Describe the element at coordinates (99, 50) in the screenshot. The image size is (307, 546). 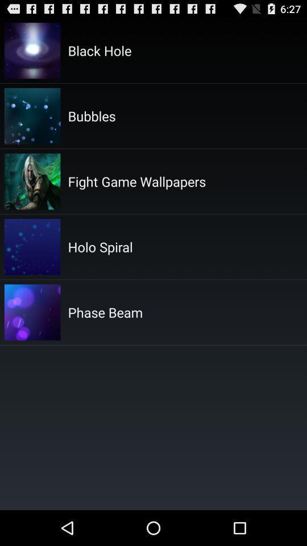
I see `black hole app` at that location.